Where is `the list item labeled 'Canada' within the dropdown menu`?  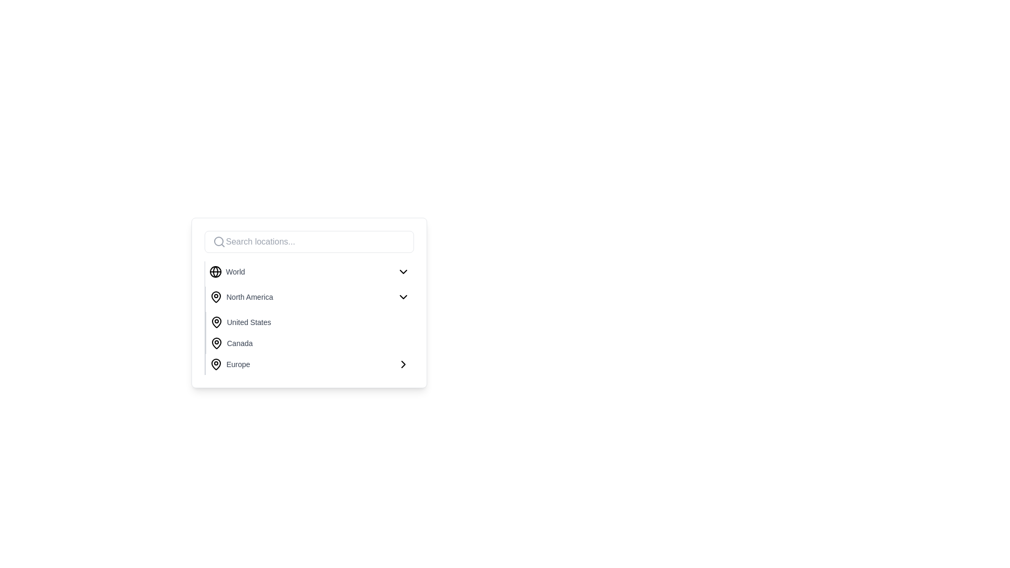
the list item labeled 'Canada' within the dropdown menu is located at coordinates (231, 343).